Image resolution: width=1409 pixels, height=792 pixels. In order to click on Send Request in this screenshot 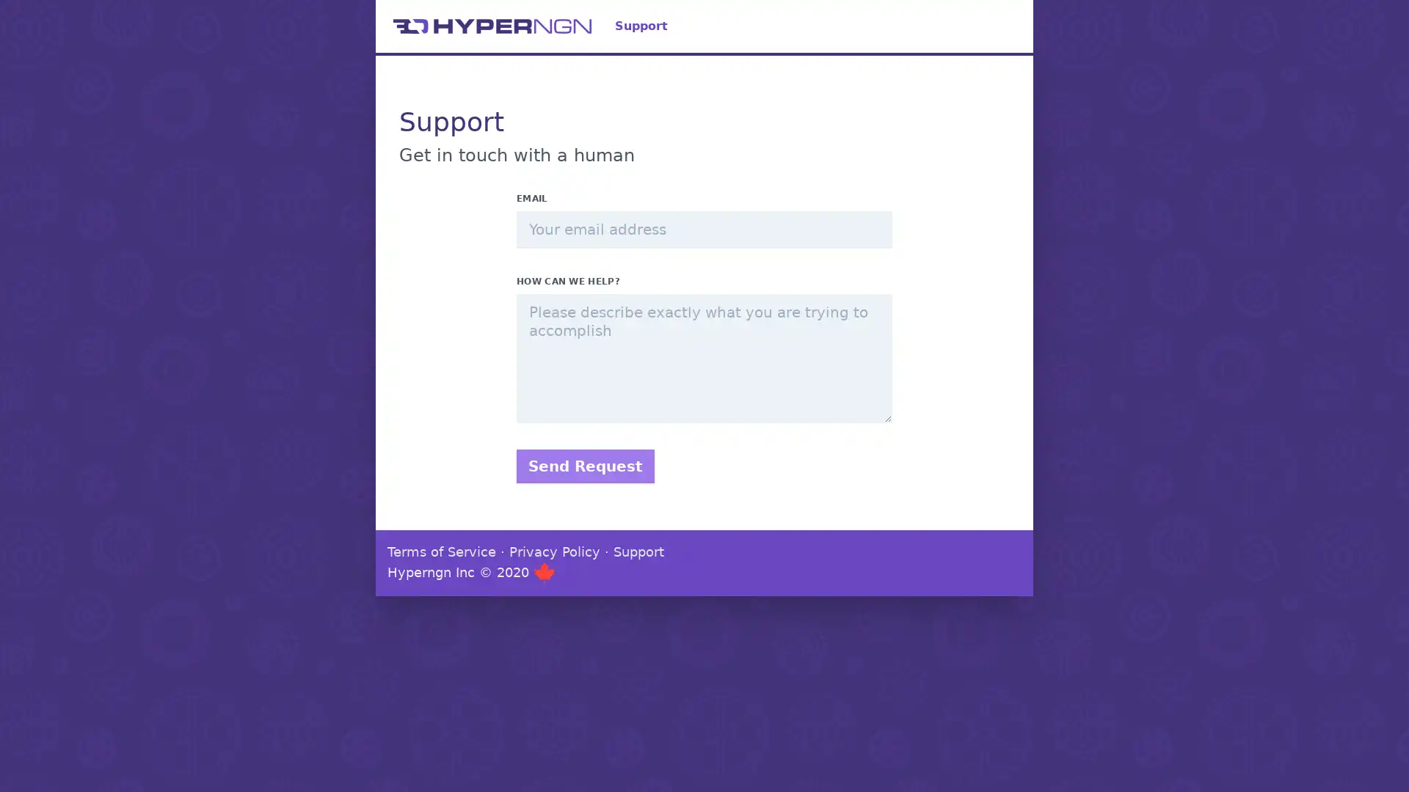, I will do `click(584, 466)`.